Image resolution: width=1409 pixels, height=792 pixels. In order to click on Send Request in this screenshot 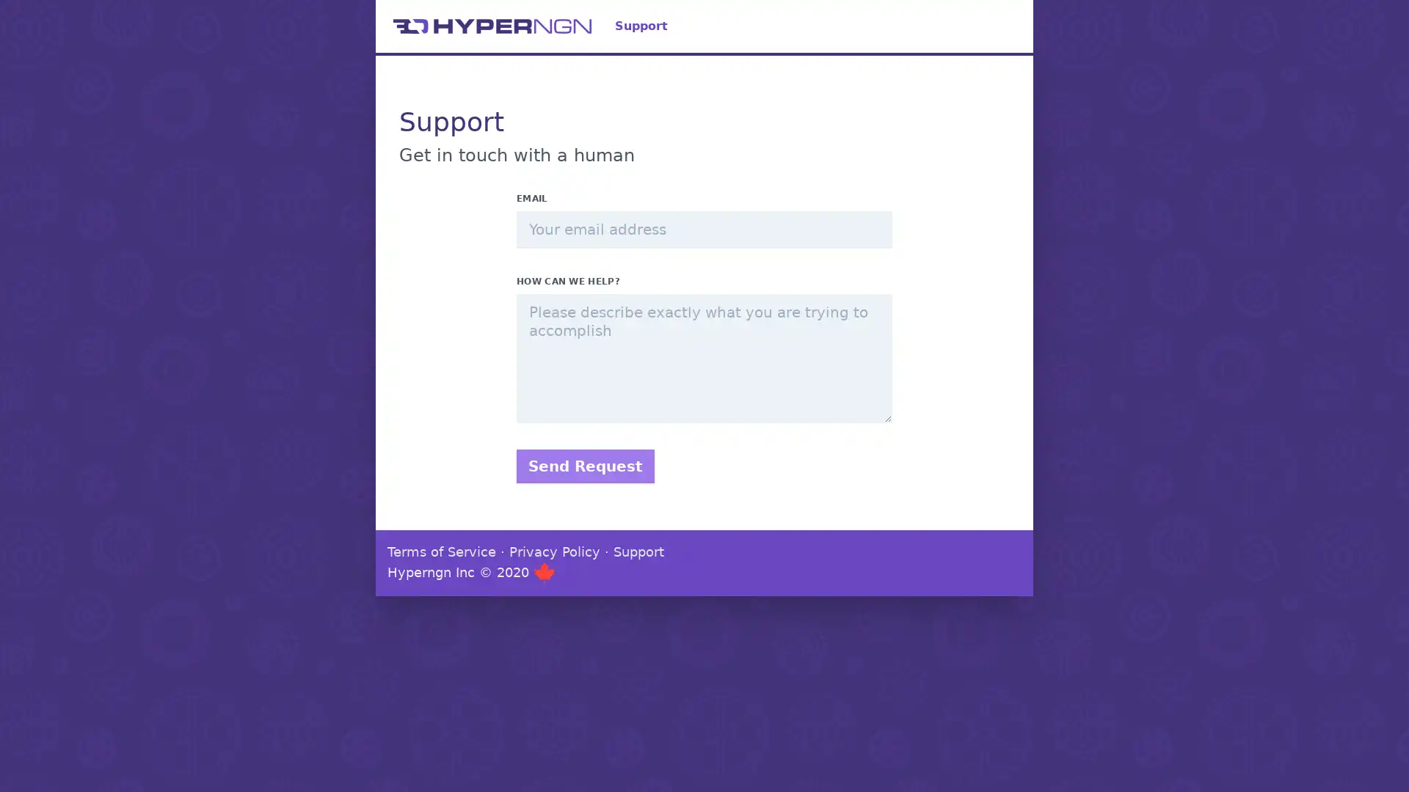, I will do `click(584, 466)`.